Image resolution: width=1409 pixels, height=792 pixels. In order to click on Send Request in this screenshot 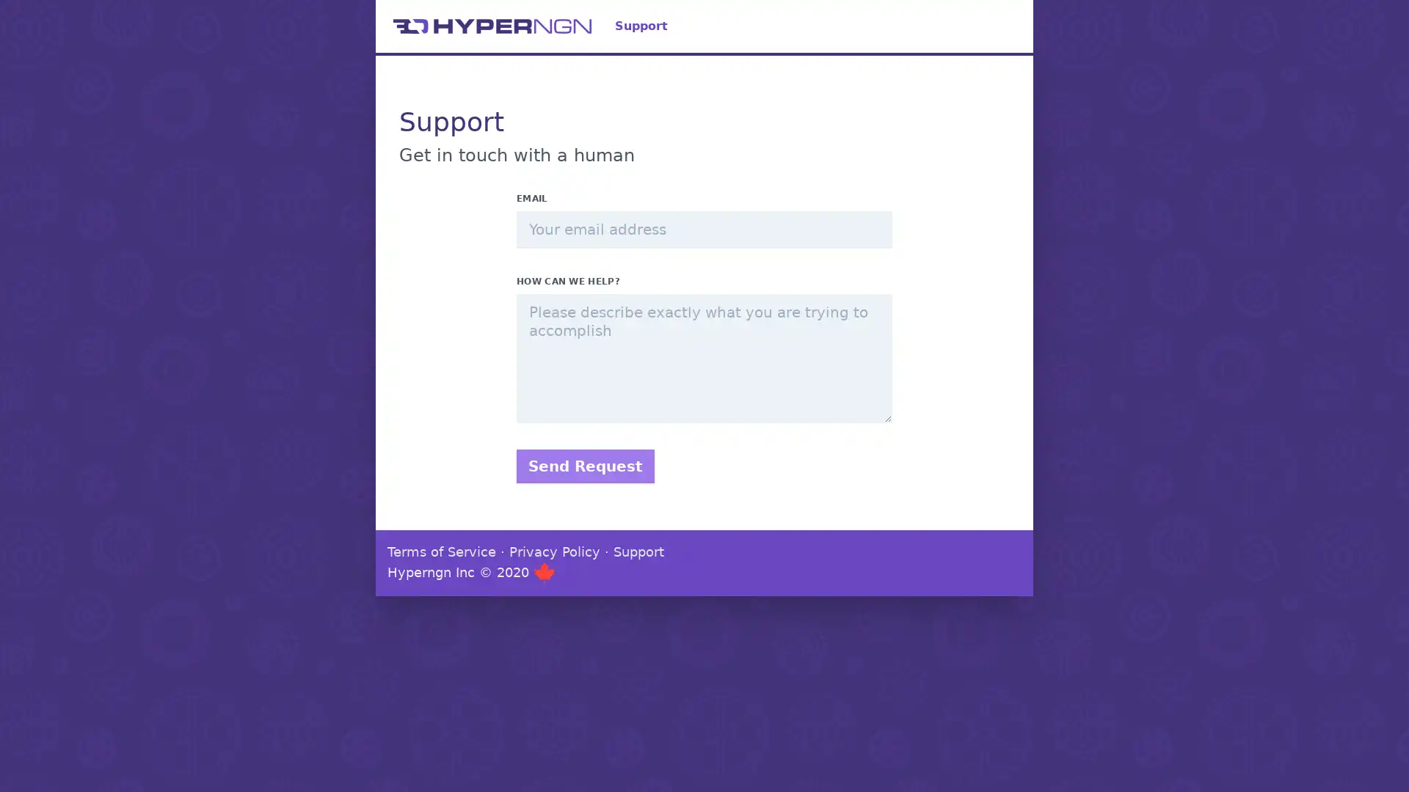, I will do `click(584, 466)`.